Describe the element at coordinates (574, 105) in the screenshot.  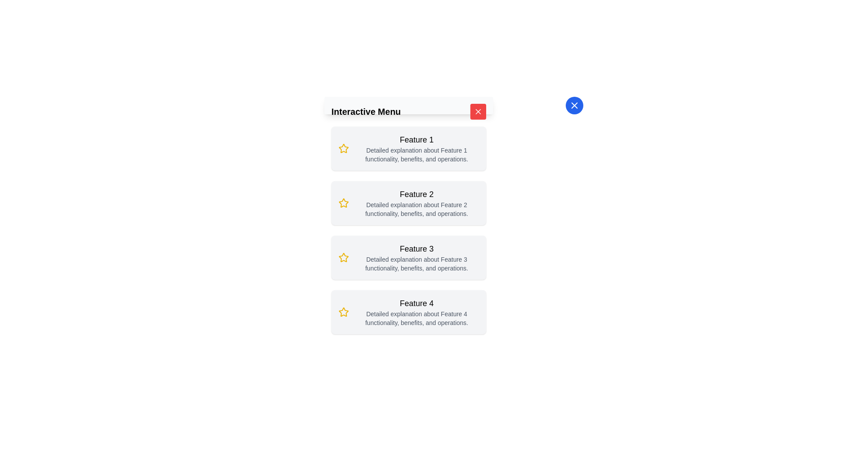
I see `the blue circular button with a white 'X' icon located on the right side of the Interactive menu bar at the top of the menu interface` at that location.